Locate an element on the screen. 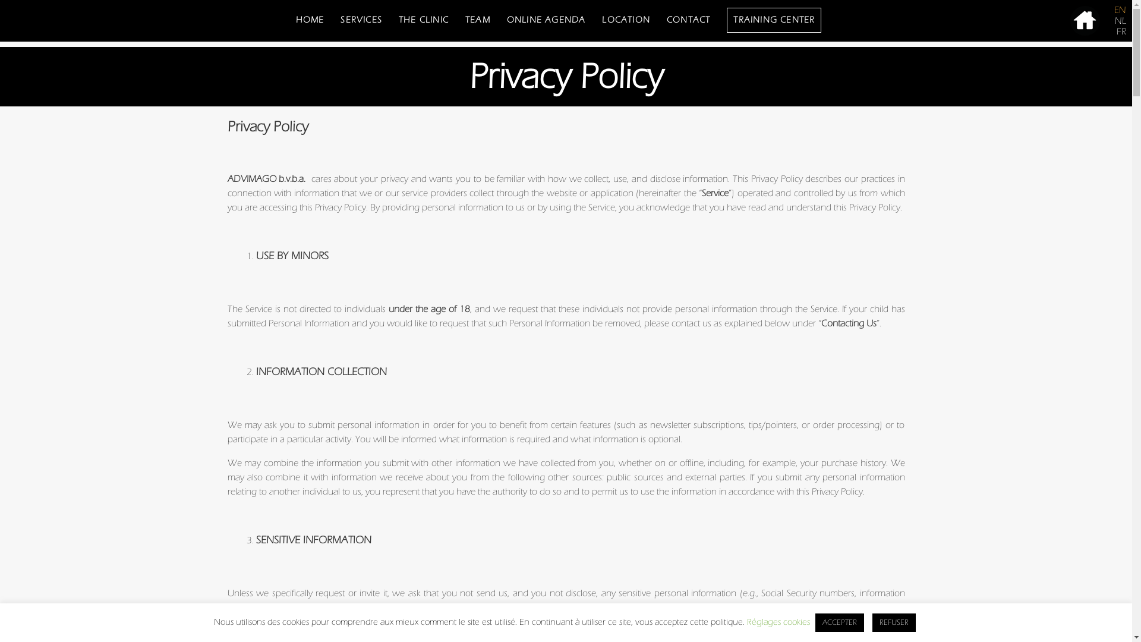 This screenshot has height=642, width=1141. 'ONLINE AGENDA' is located at coordinates (546, 18).